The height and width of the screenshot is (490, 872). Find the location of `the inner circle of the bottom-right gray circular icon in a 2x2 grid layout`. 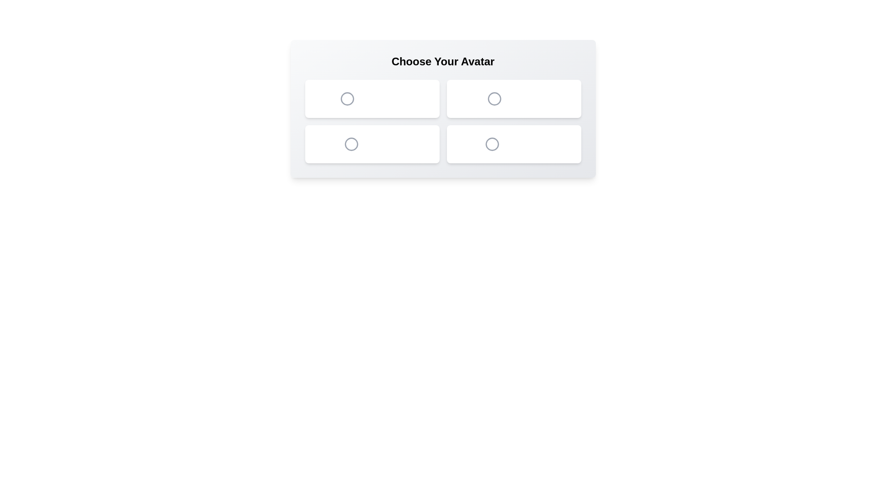

the inner circle of the bottom-right gray circular icon in a 2x2 grid layout is located at coordinates (492, 143).